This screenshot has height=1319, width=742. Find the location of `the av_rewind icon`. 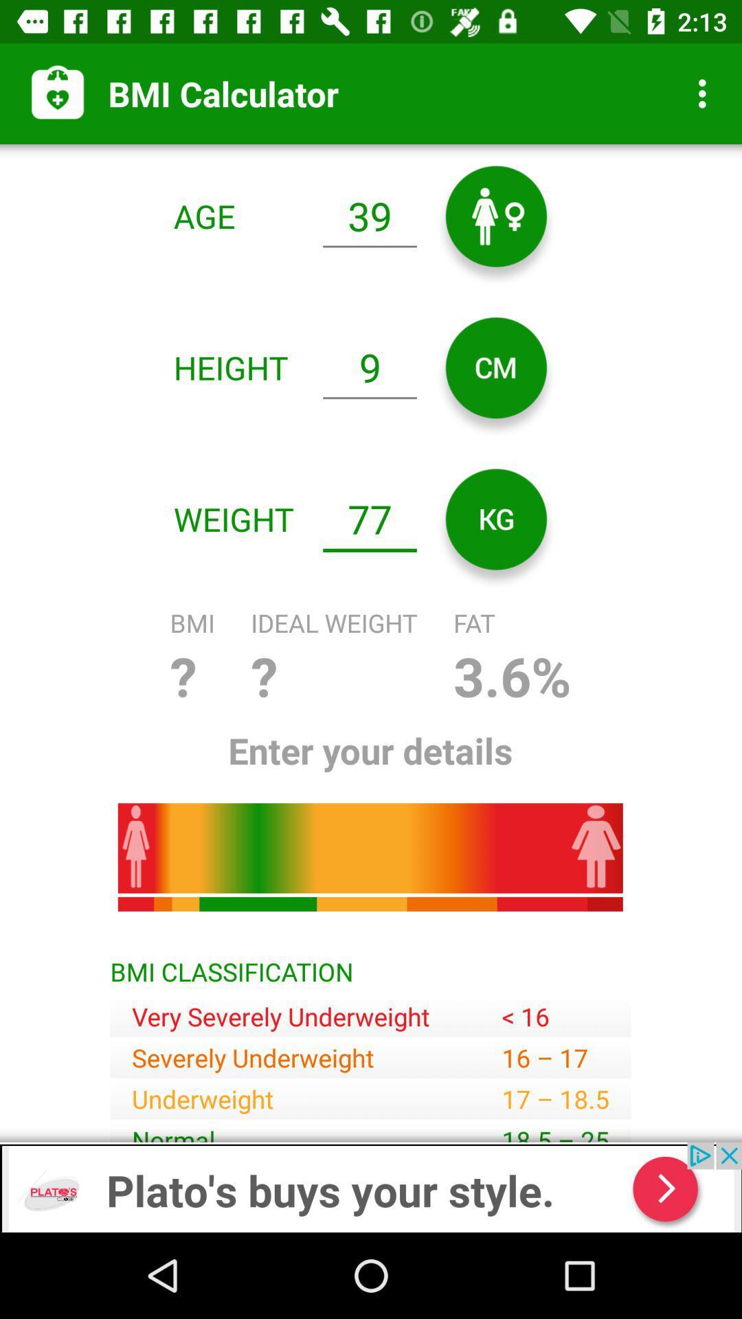

the av_rewind icon is located at coordinates (496, 518).